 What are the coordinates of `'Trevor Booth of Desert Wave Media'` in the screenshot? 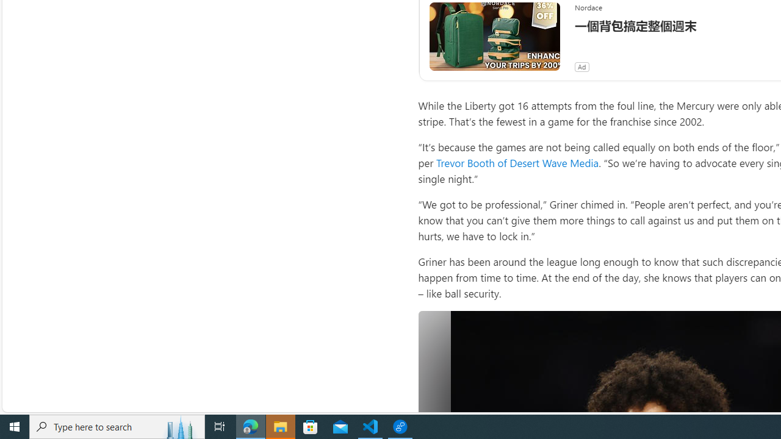 It's located at (517, 162).